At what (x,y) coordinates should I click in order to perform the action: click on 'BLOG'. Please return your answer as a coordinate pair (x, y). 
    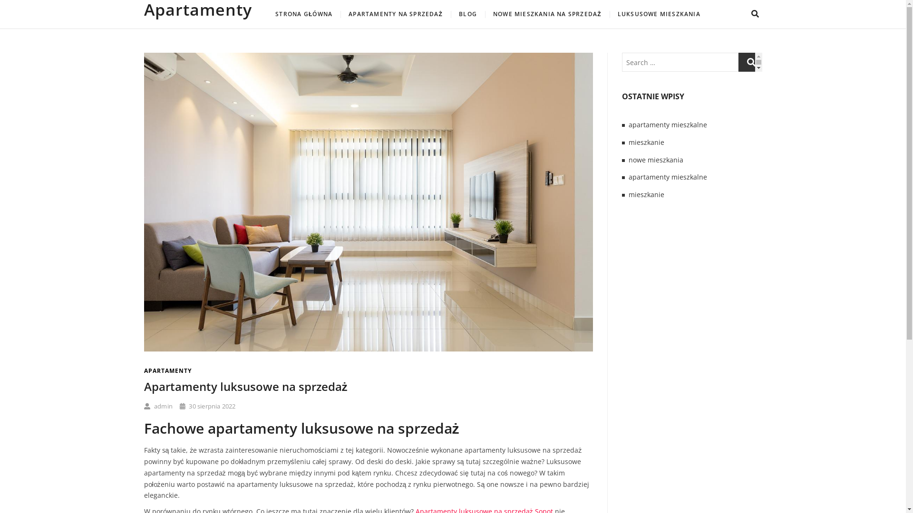
    Looking at the image, I should click on (467, 14).